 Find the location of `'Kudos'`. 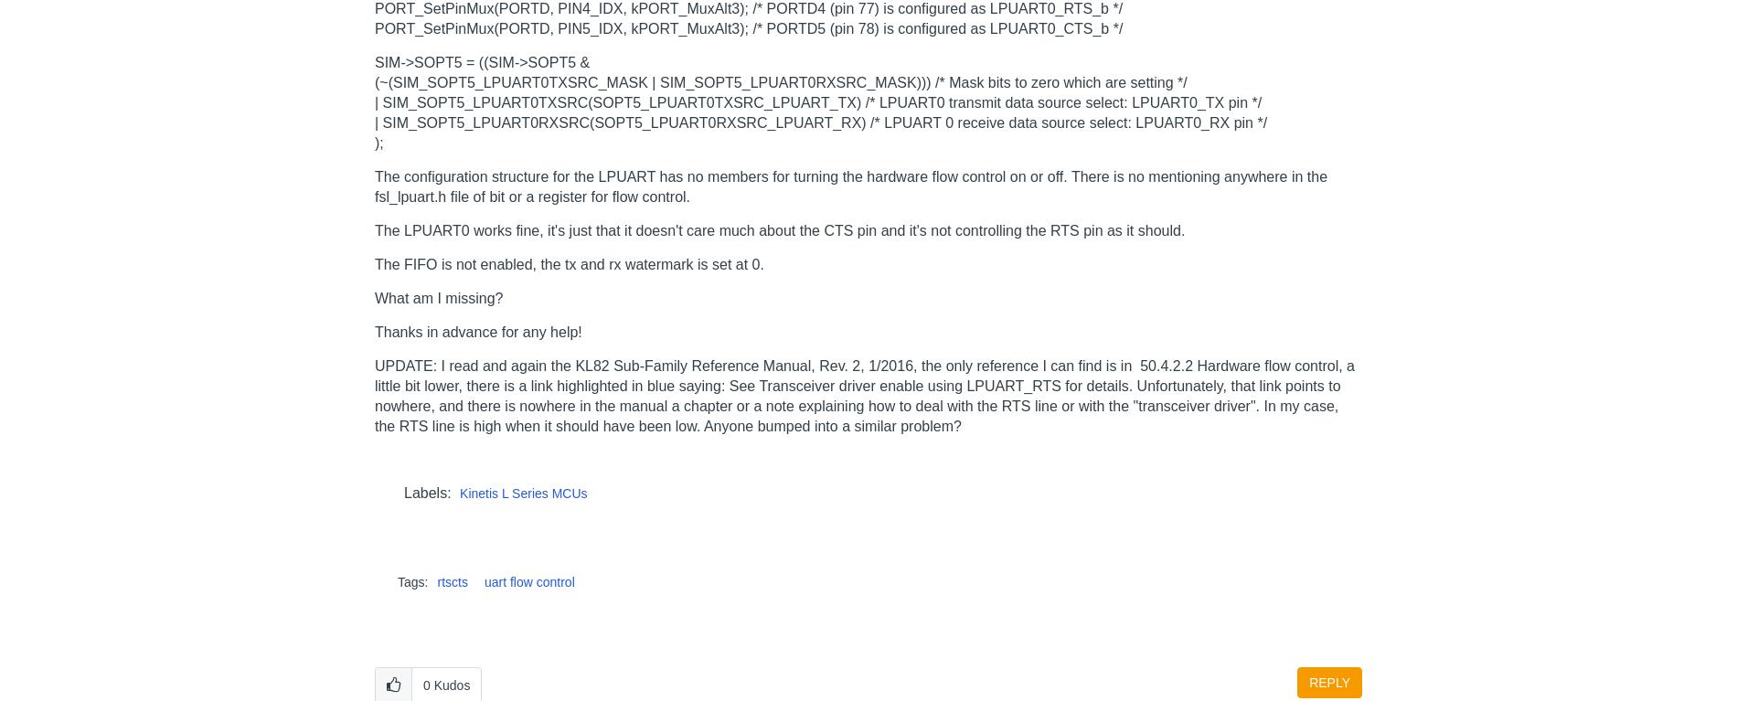

'Kudos' is located at coordinates (432, 684).